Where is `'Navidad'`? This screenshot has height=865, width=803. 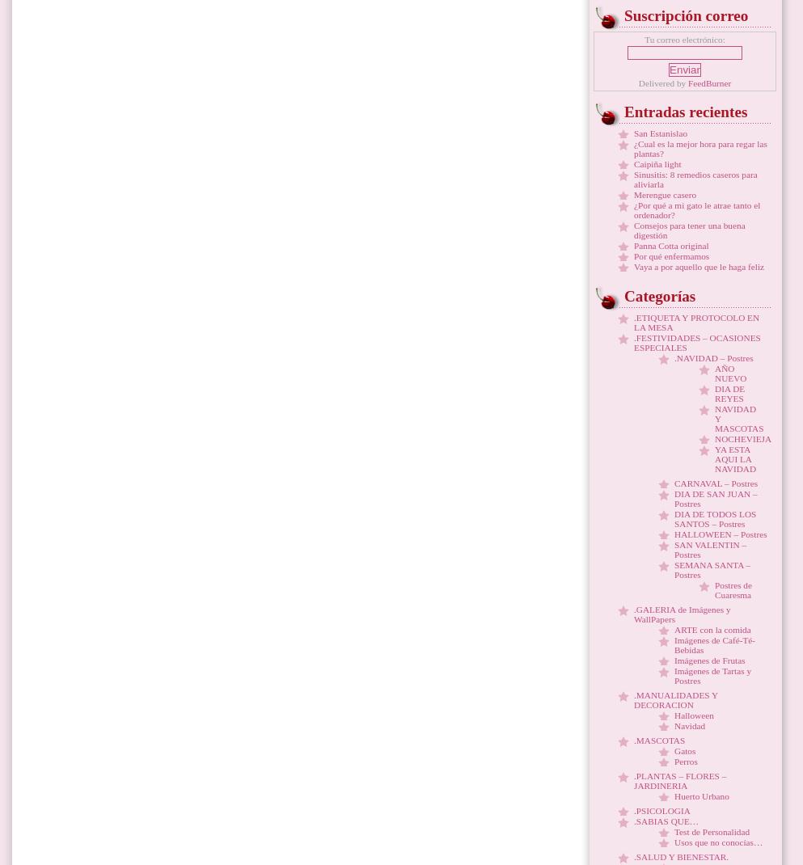
'Navidad' is located at coordinates (674, 725).